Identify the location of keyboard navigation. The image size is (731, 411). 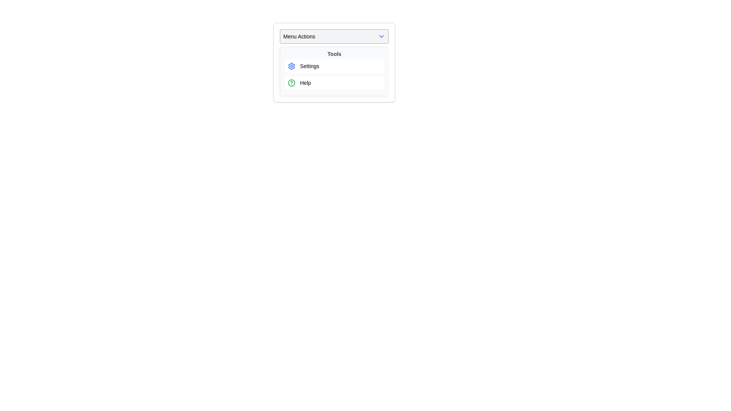
(334, 65).